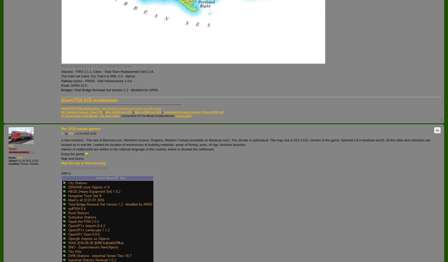  What do you see at coordinates (29, 163) in the screenshot?
I see `'Russia, Samara'` at bounding box center [29, 163].